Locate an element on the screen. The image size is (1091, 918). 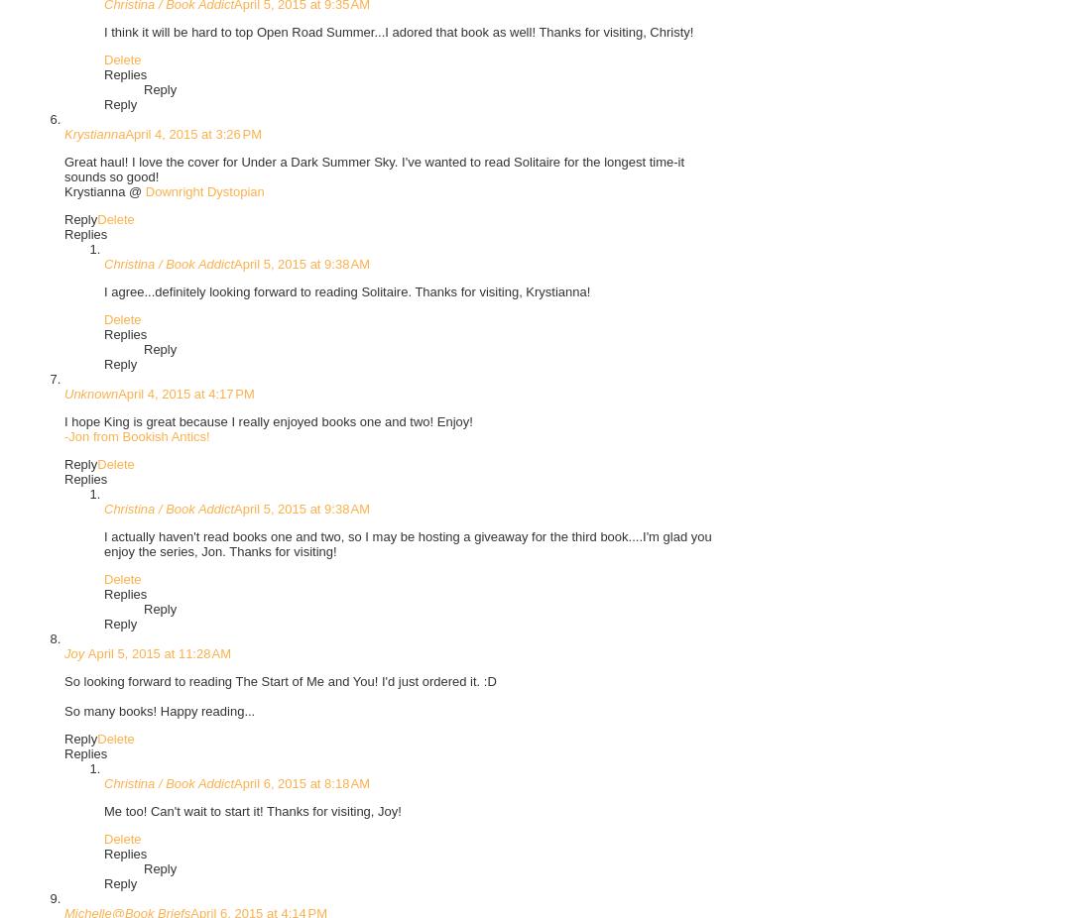
'I hope King is great because I really enjoyed books one and two! Enjoy!' is located at coordinates (268, 420).